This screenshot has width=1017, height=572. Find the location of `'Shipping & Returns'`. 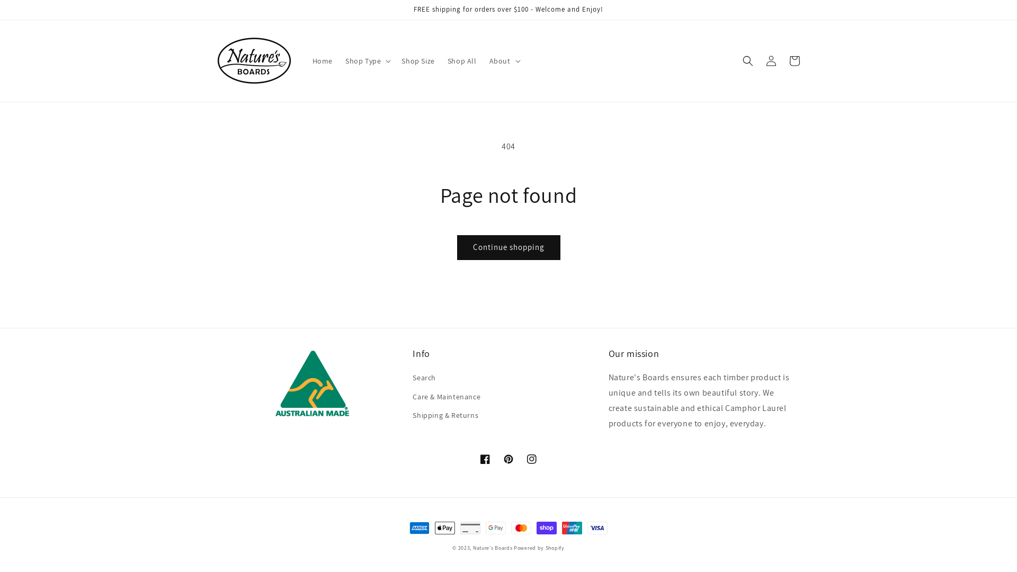

'Shipping & Returns' is located at coordinates (445, 415).